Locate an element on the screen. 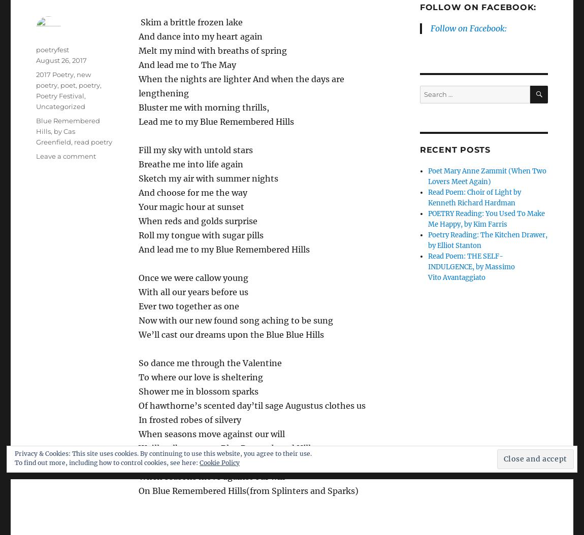  'Poet Mary Anne Zammit (When Two Lovers Meet Again)' is located at coordinates (487, 176).